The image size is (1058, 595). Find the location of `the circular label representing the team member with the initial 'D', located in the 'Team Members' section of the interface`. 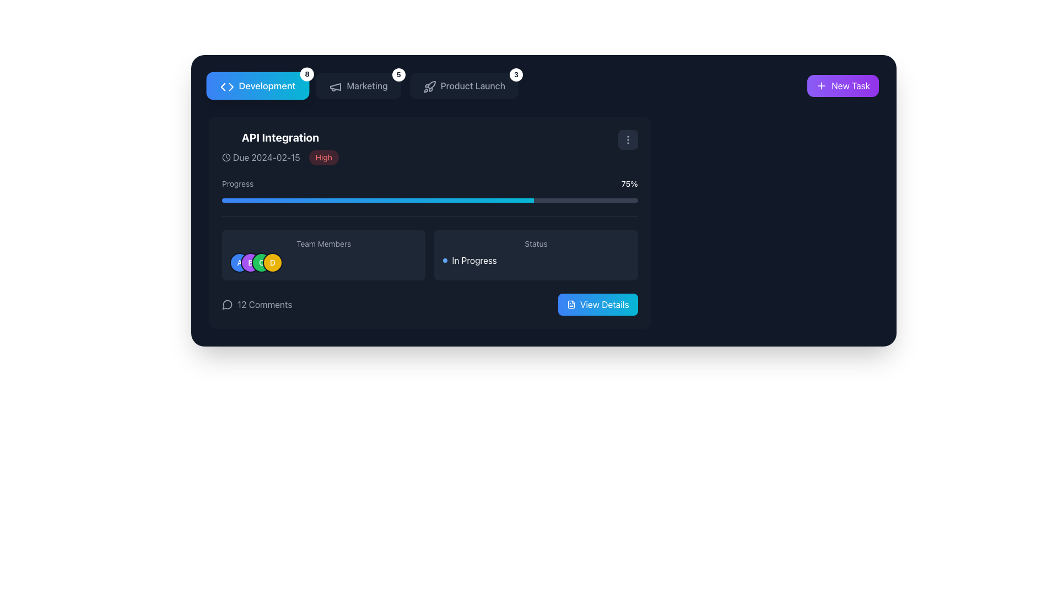

the circular label representing the team member with the initial 'D', located in the 'Team Members' section of the interface is located at coordinates (272, 263).